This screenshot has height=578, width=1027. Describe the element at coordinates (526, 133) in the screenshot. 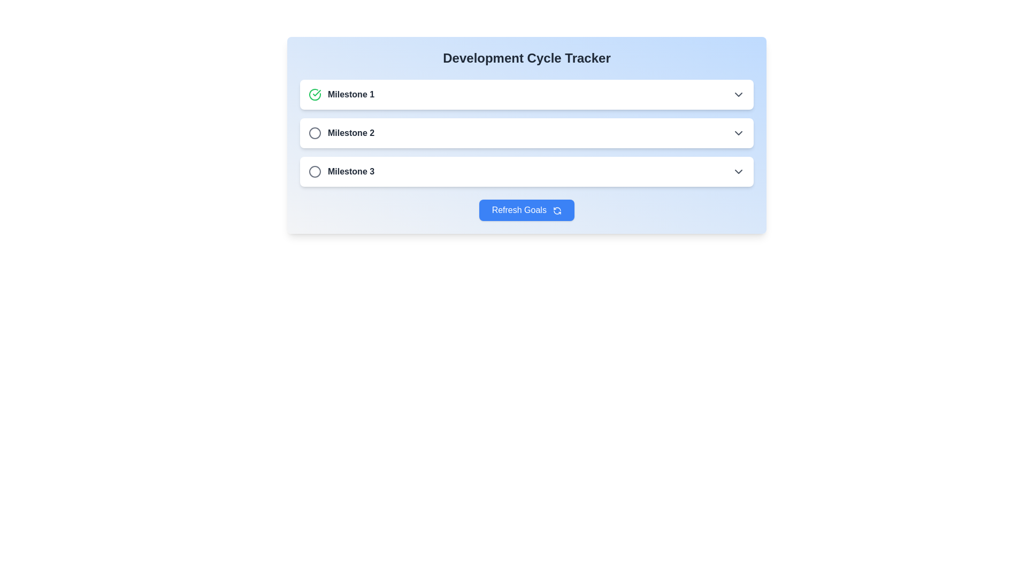

I see `the second milestone` at that location.